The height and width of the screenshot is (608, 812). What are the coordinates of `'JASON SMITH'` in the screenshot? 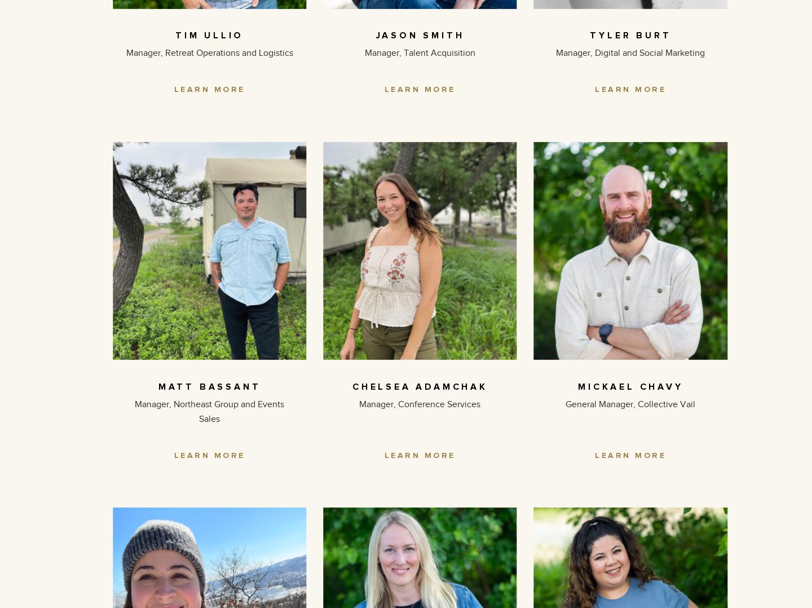 It's located at (376, 35).